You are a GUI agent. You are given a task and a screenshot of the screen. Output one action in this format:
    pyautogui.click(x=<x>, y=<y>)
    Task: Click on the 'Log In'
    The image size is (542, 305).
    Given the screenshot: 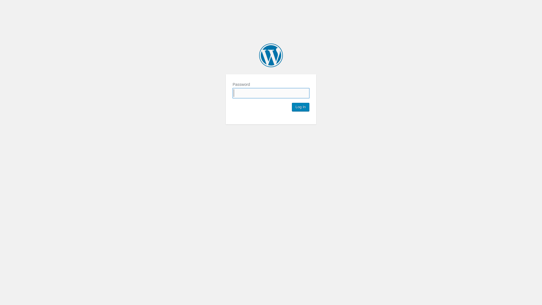 What is the action you would take?
    pyautogui.click(x=300, y=107)
    